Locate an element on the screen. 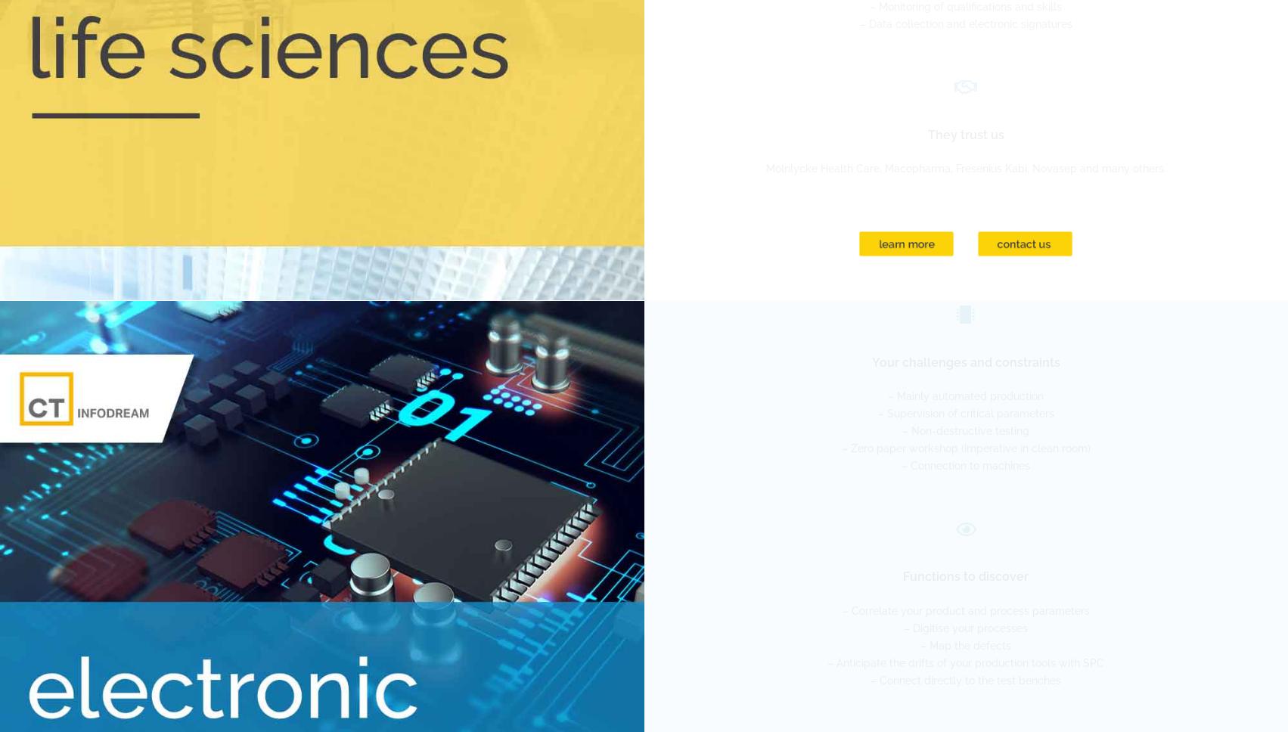 The height and width of the screenshot is (732, 1288). 'Your challenges and constraints' is located at coordinates (964, 361).